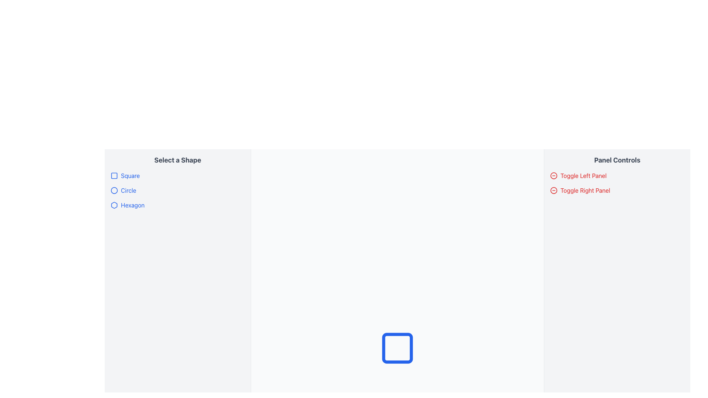 The image size is (708, 398). What do you see at coordinates (114, 190) in the screenshot?
I see `the second selectable circular vector graphic in the 'Select a Shape' section of the interface, located between the 'Square' checkbox above and the 'Hexagon' checkbox below` at bounding box center [114, 190].